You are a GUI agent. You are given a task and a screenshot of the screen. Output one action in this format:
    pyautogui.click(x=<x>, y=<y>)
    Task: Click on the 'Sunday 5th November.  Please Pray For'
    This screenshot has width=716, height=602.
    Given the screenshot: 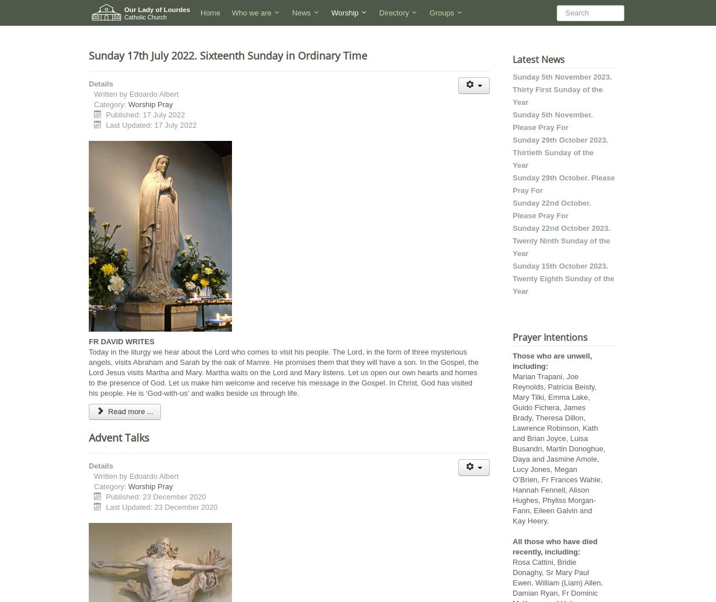 What is the action you would take?
    pyautogui.click(x=552, y=120)
    